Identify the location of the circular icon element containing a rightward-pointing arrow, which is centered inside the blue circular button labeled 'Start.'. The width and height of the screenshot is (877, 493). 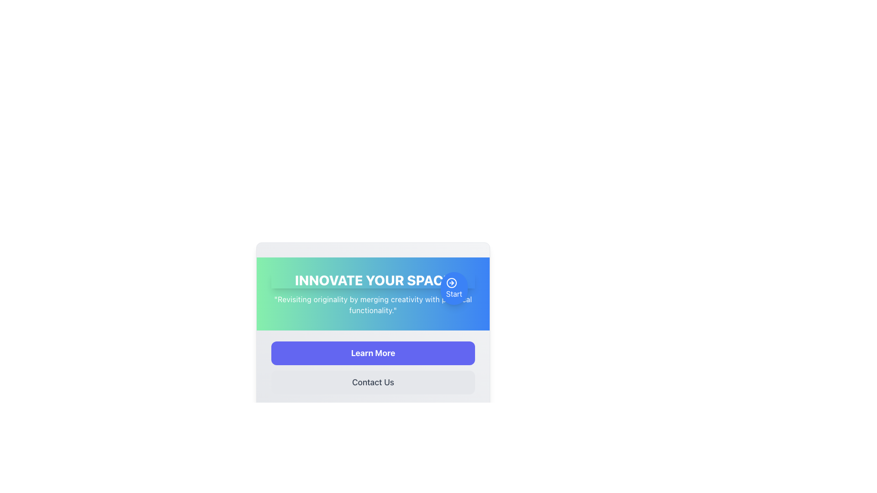
(451, 283).